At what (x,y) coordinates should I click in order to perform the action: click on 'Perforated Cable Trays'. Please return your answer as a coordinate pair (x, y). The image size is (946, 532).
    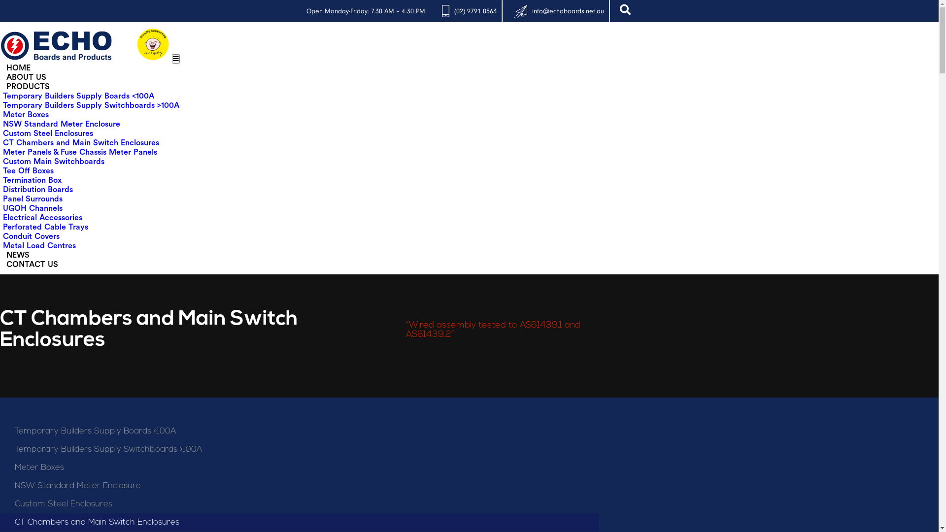
    Looking at the image, I should click on (45, 227).